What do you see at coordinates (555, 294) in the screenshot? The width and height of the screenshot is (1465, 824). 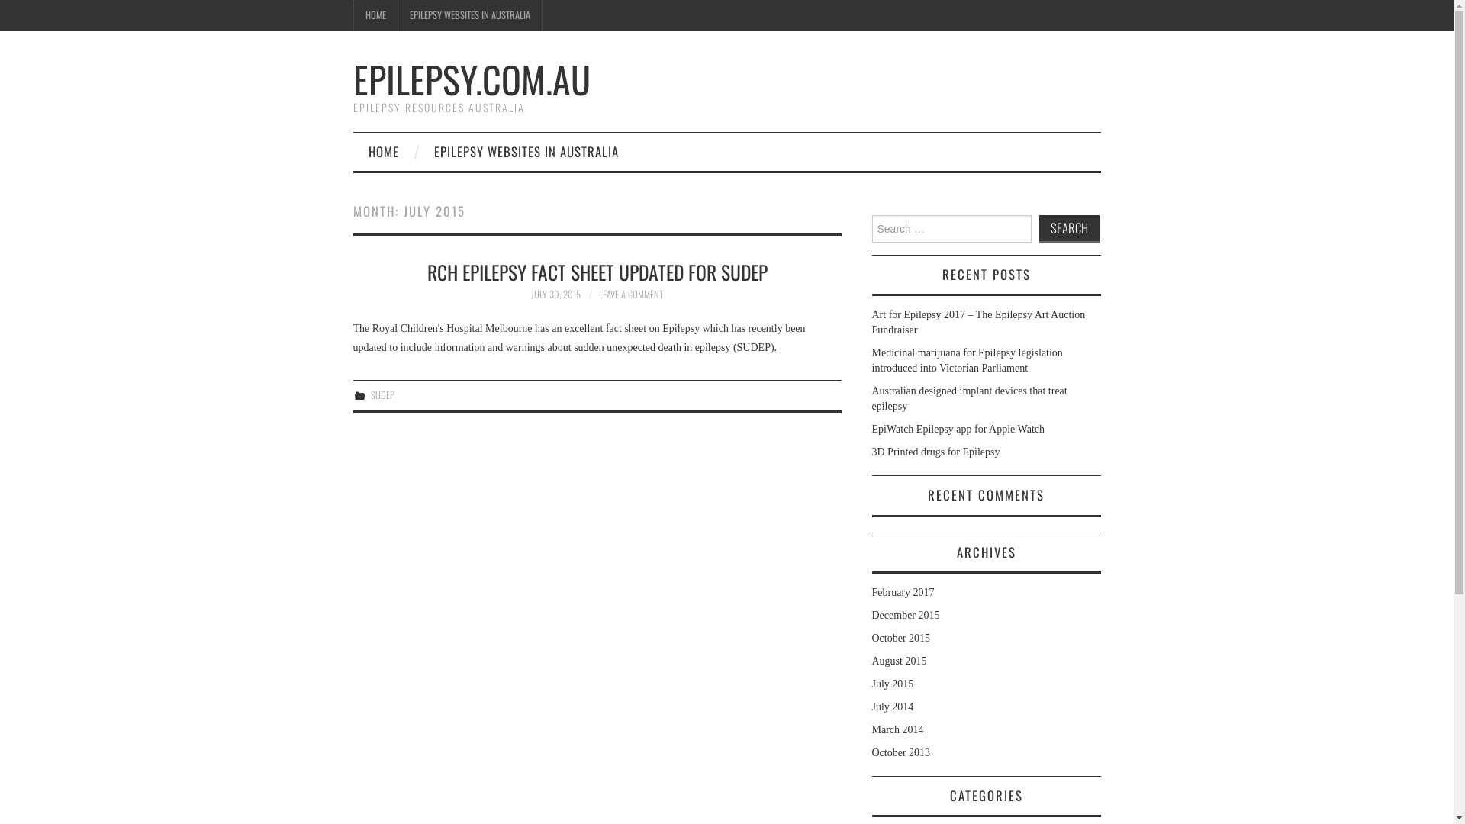 I see `'JULY 30, 2015'` at bounding box center [555, 294].